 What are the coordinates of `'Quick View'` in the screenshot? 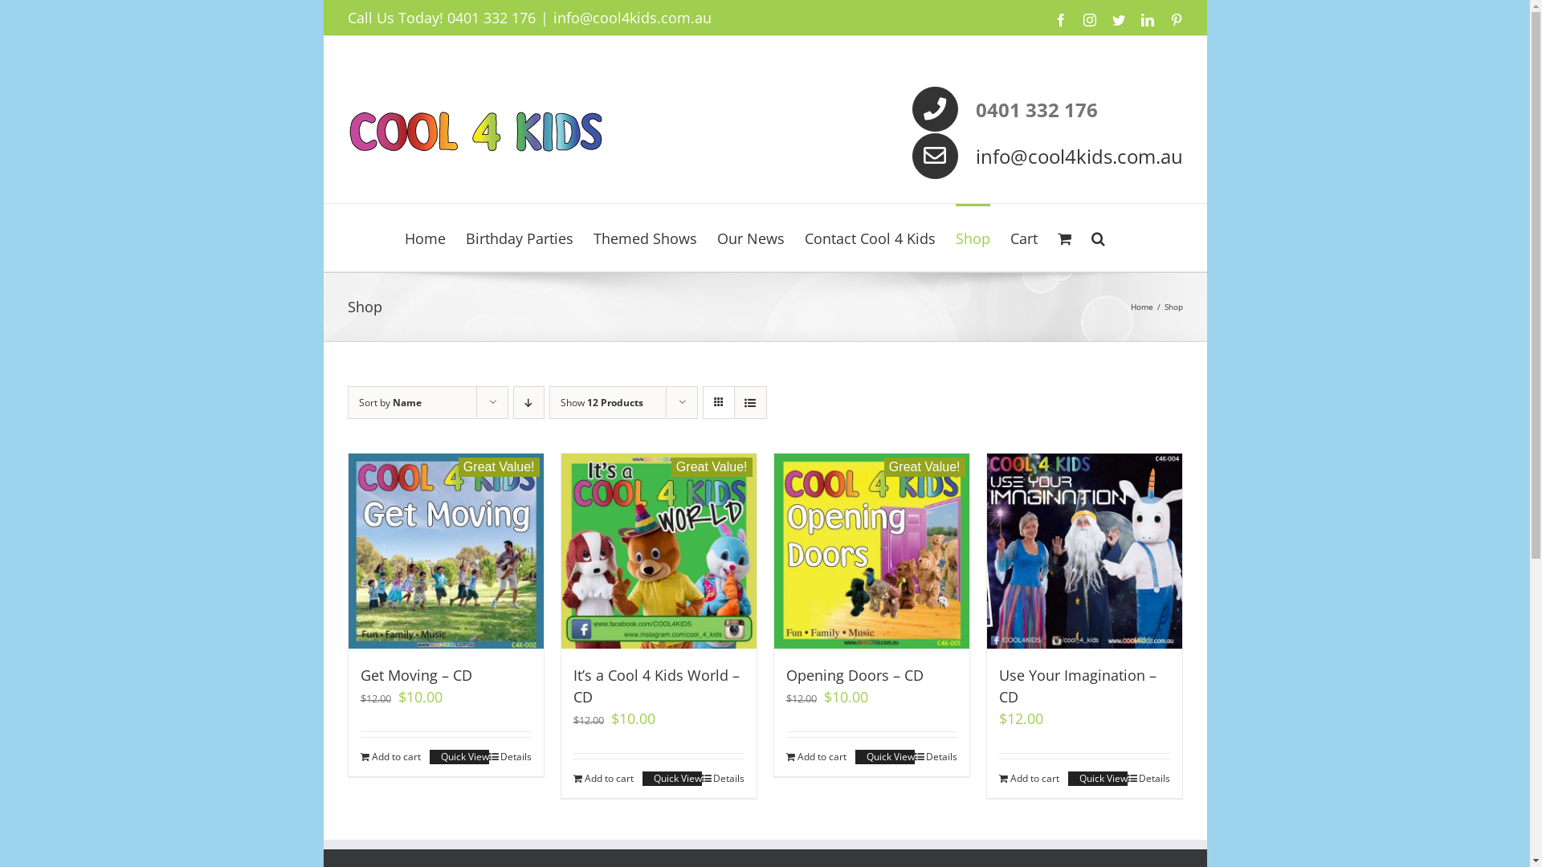 It's located at (671, 777).